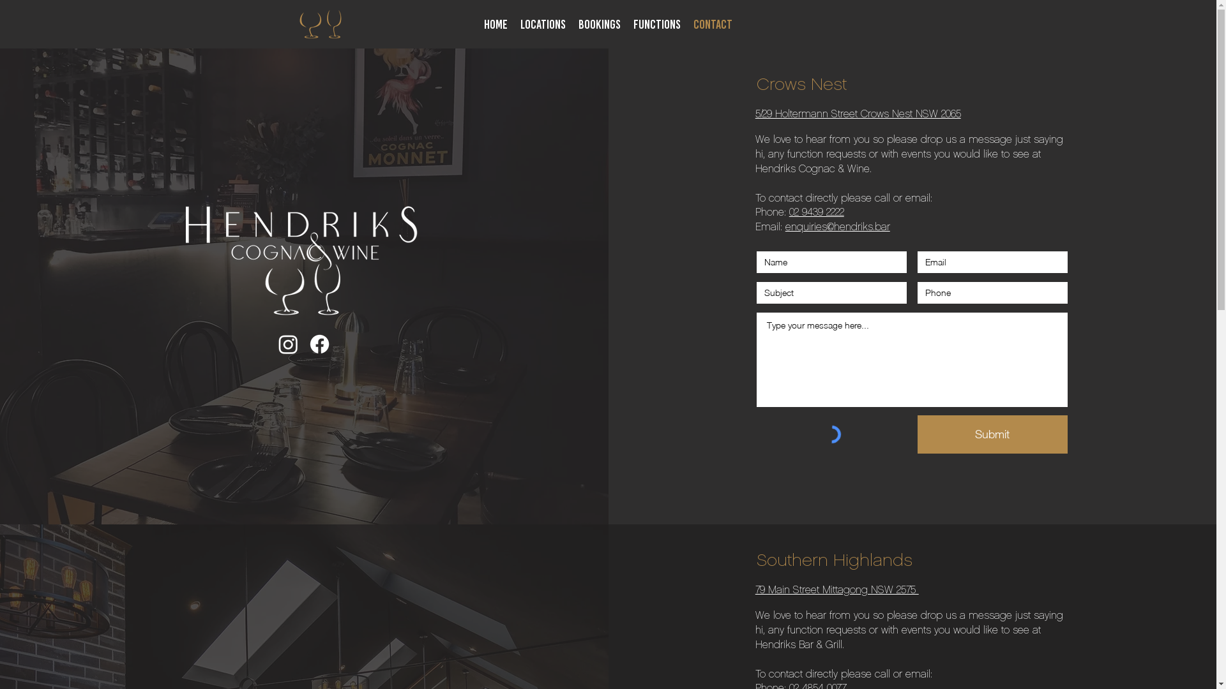 The height and width of the screenshot is (689, 1226). Describe the element at coordinates (599, 24) in the screenshot. I see `'BOOKINGS'` at that location.